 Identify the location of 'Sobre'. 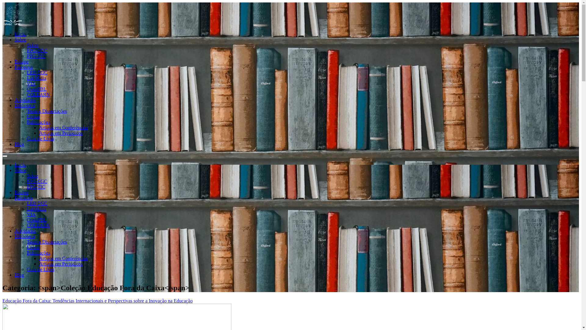
(32, 45).